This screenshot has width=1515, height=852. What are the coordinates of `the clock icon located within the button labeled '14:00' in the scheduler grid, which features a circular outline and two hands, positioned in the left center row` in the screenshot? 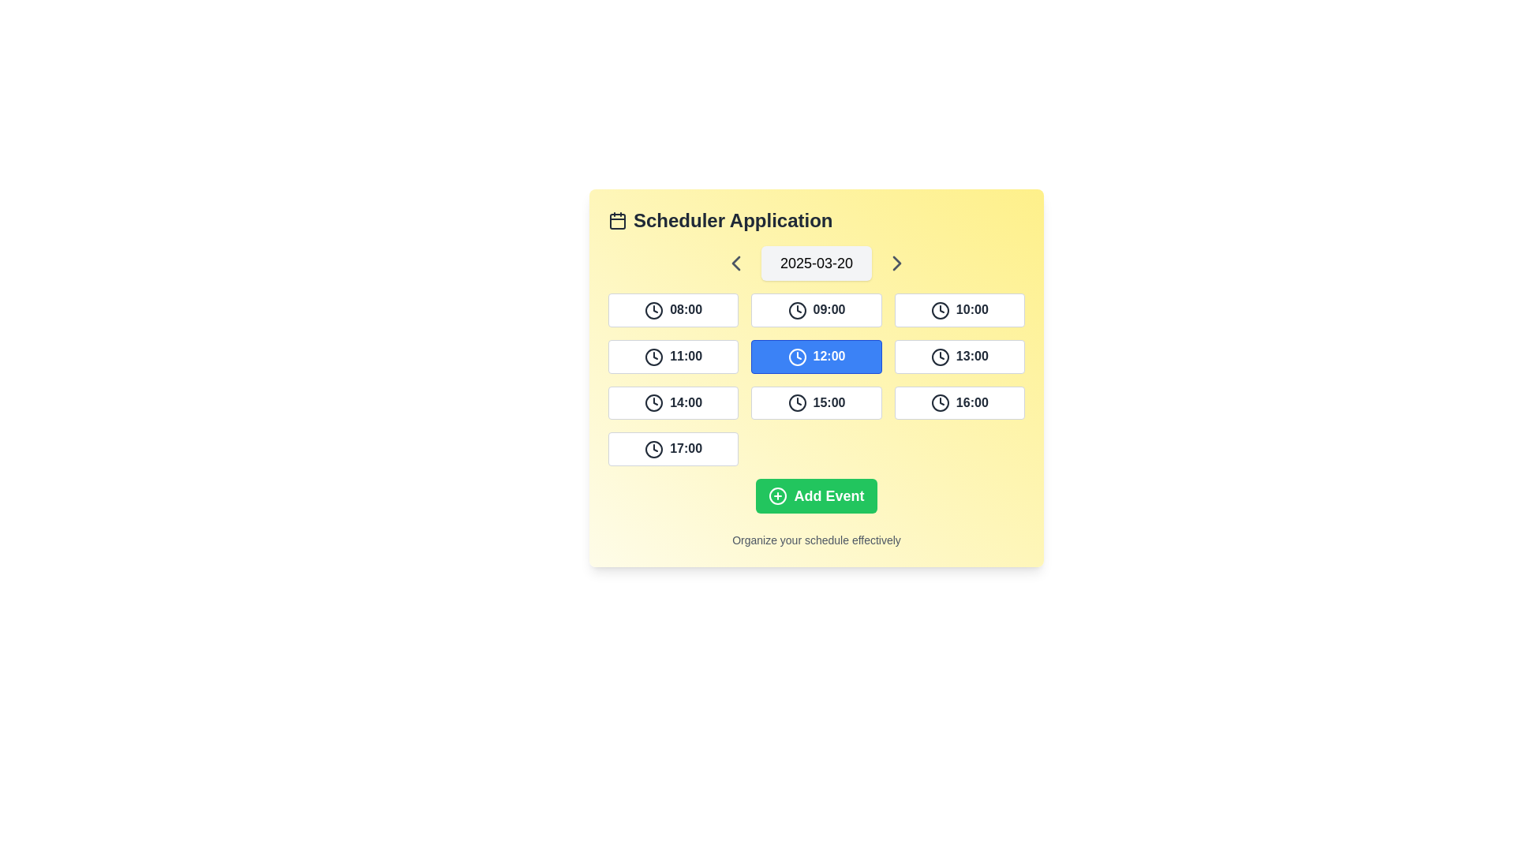 It's located at (654, 402).